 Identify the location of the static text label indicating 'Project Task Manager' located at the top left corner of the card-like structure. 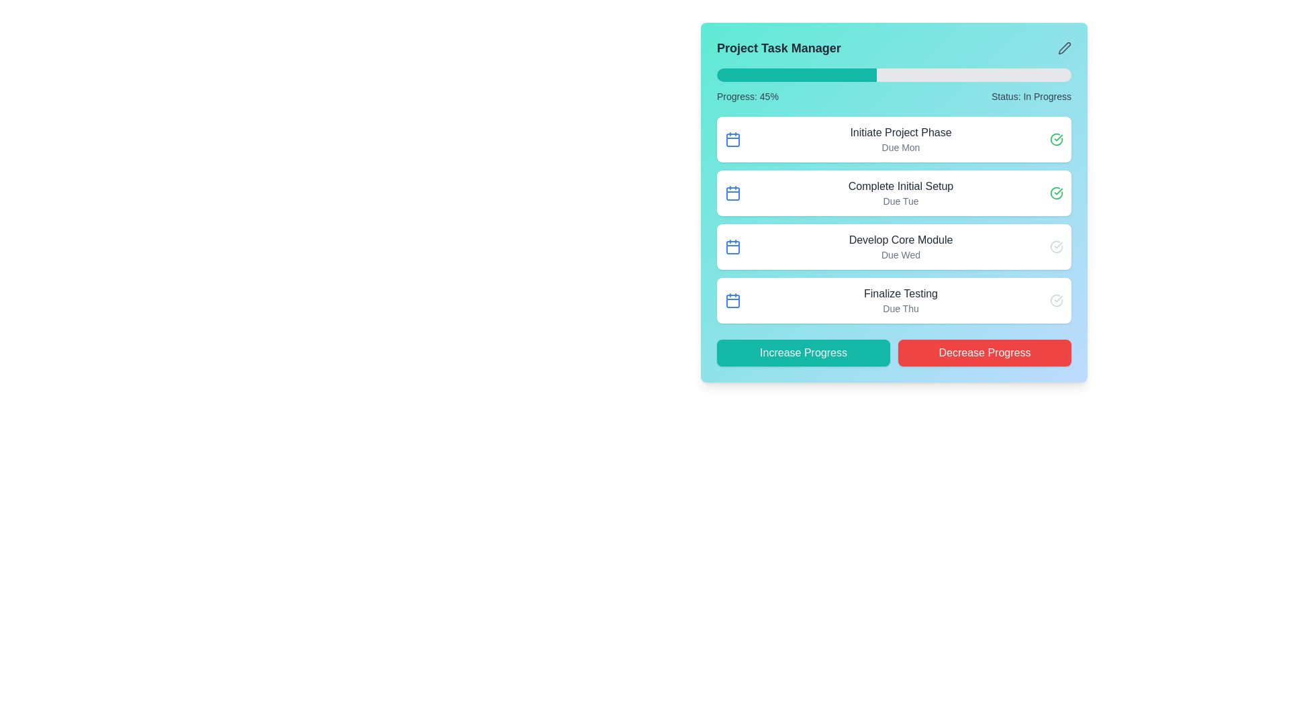
(779, 48).